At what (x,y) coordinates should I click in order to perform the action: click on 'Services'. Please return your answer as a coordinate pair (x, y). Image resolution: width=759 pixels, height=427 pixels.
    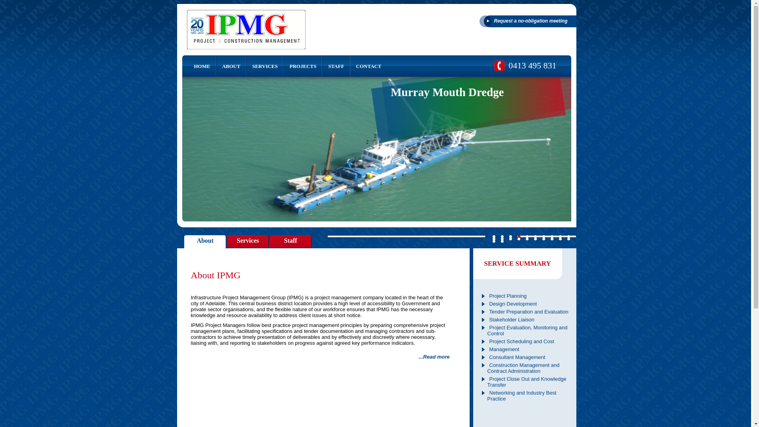
    Looking at the image, I should click on (247, 242).